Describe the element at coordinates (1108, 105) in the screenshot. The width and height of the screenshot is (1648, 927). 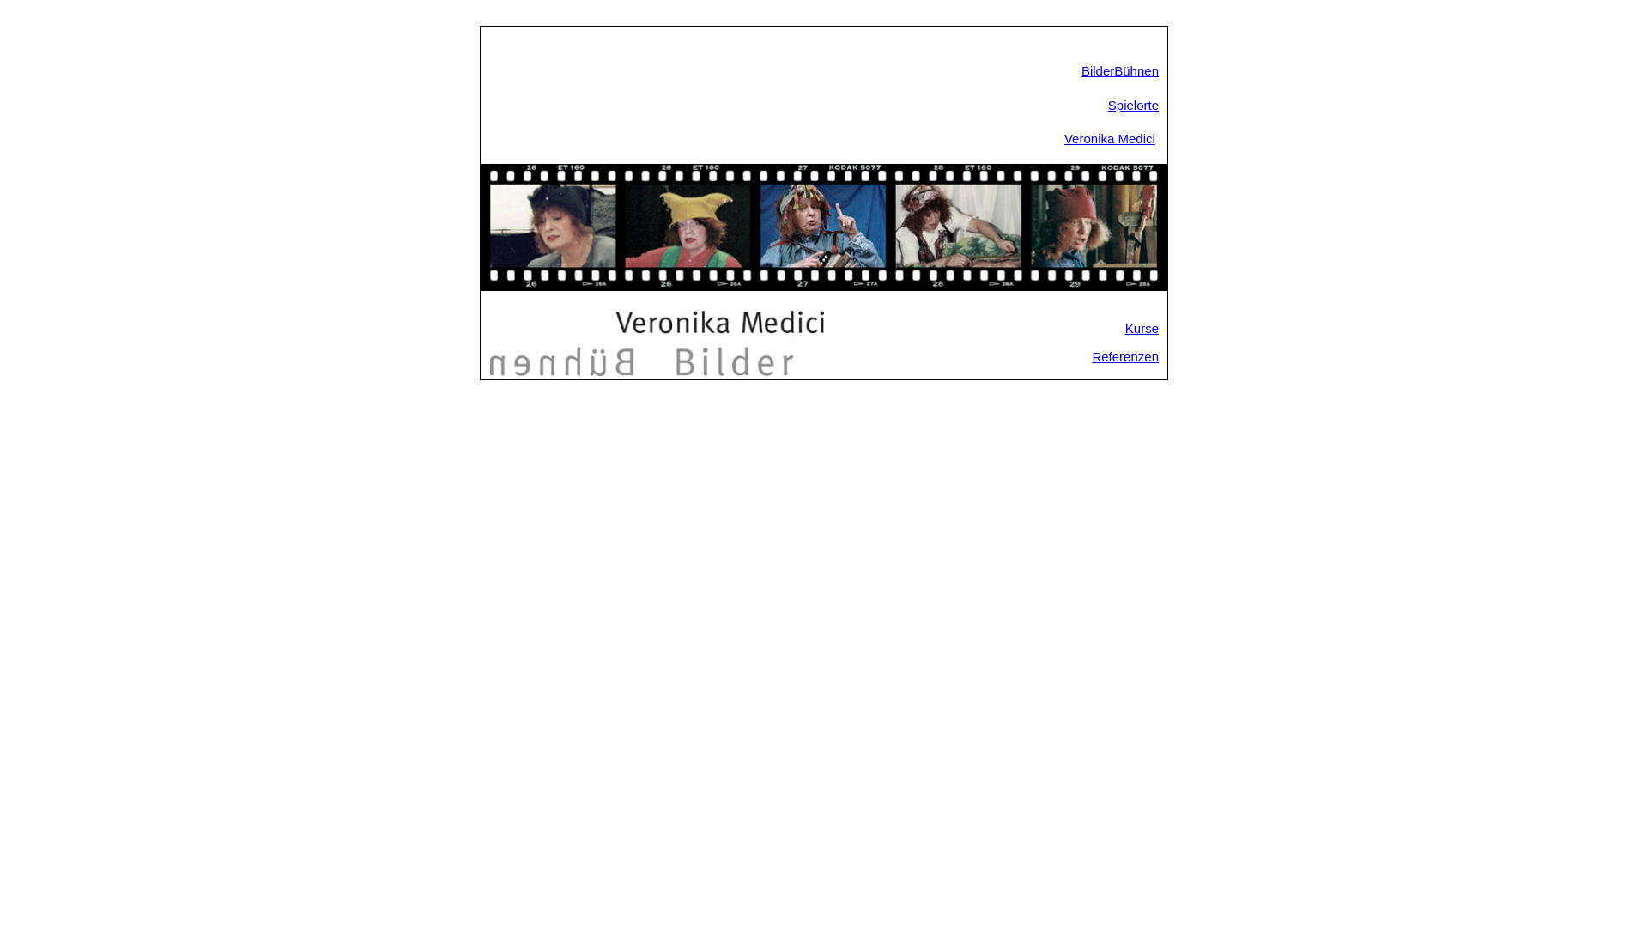
I see `'Spielorte'` at that location.